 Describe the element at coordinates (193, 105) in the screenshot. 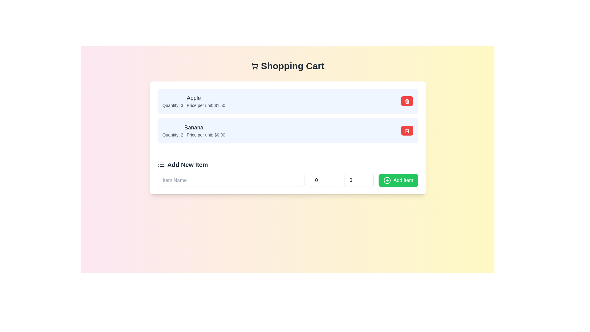

I see `the text label displaying 'Quantity: 3 | Price per unit: $1.50' located below the 'Apple' heading in the shopping cart interface` at that location.